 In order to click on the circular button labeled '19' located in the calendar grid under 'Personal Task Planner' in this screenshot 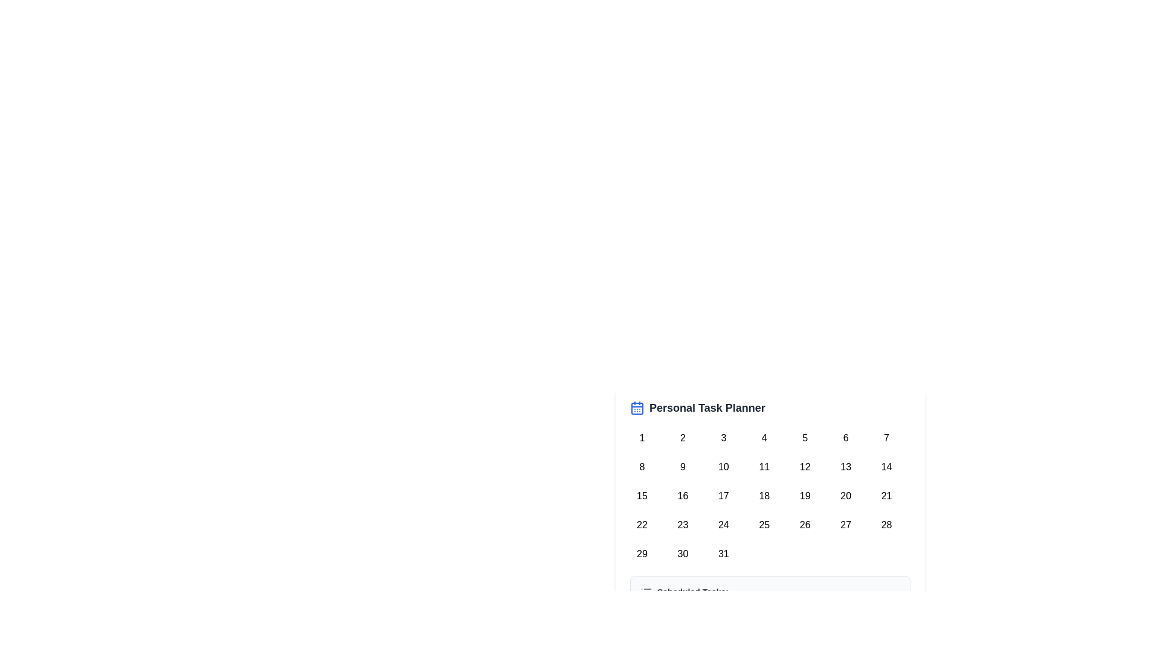, I will do `click(805, 496)`.